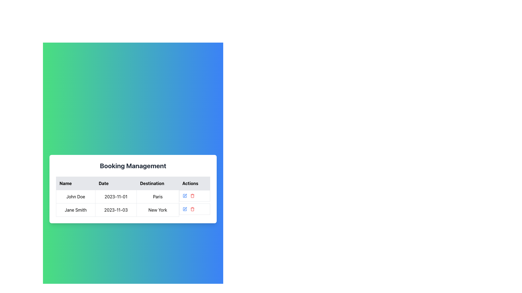 The height and width of the screenshot is (293, 522). What do you see at coordinates (157, 183) in the screenshot?
I see `the 'Destination' column header in the data table, which is the third column header located between the 'Date' and 'Actions' headers` at bounding box center [157, 183].